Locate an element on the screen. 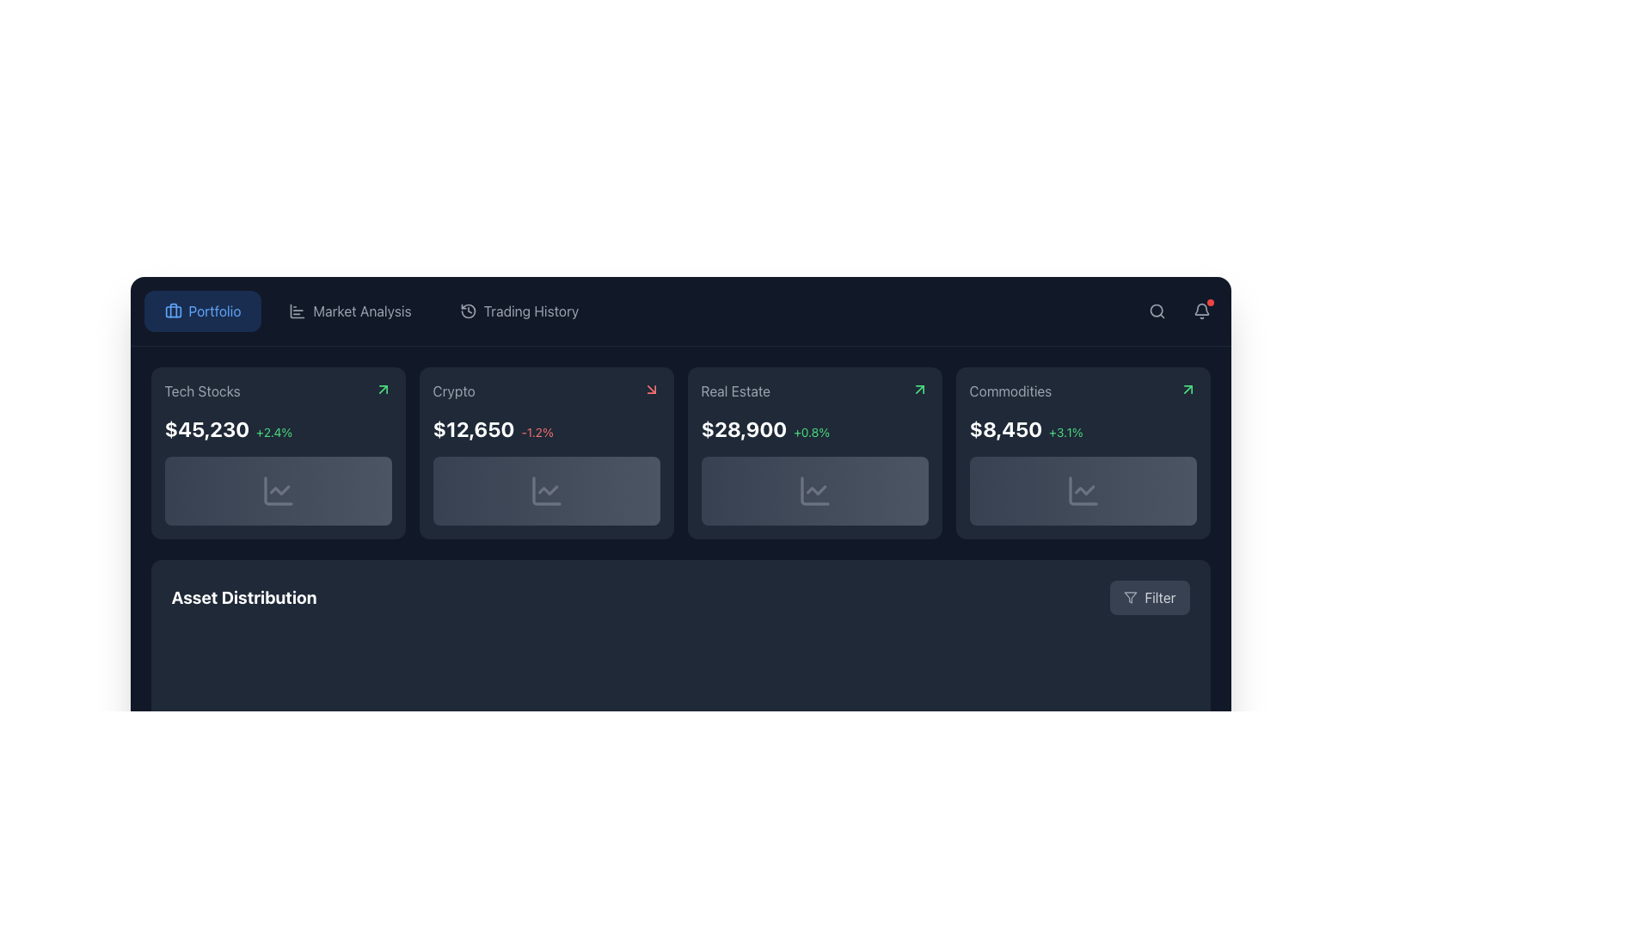 The height and width of the screenshot is (929, 1651). the static descriptive text displaying 'Crypto' which is styled in gray color against a dark background, located at the top-left area of the 'Crypto' category box is located at coordinates (454, 391).